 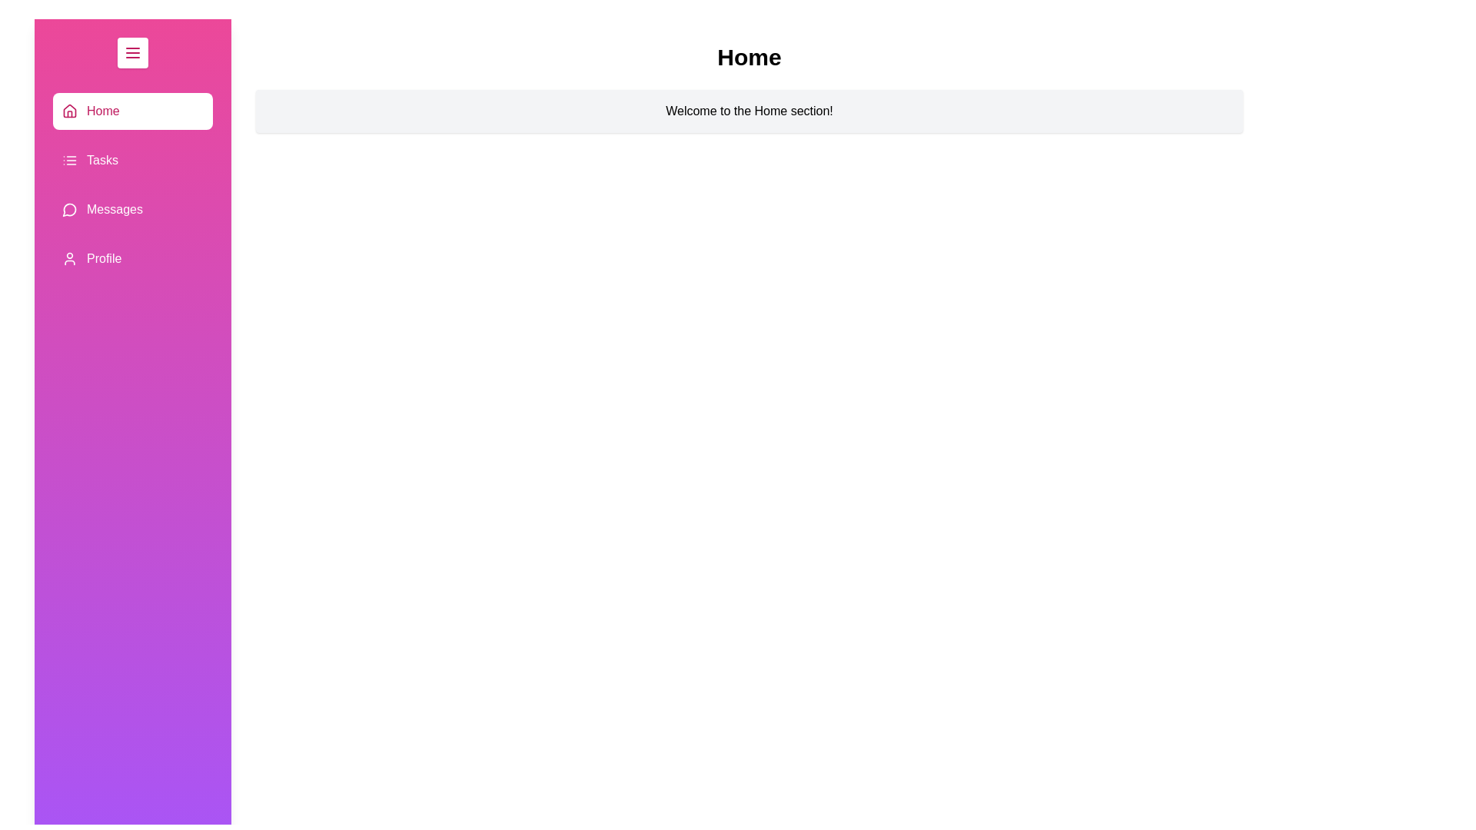 I want to click on the section Tasks by clicking on its corresponding item in the list, so click(x=132, y=160).